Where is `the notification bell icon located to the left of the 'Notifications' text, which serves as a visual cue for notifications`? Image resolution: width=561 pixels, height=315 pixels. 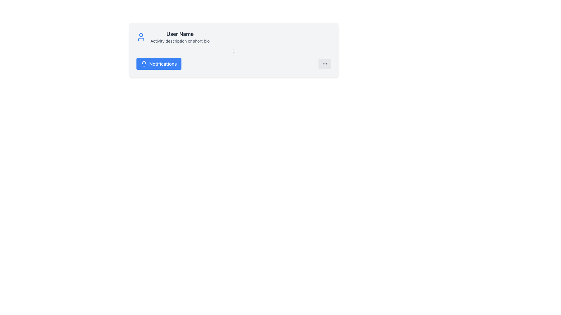
the notification bell icon located to the left of the 'Notifications' text, which serves as a visual cue for notifications is located at coordinates (144, 63).